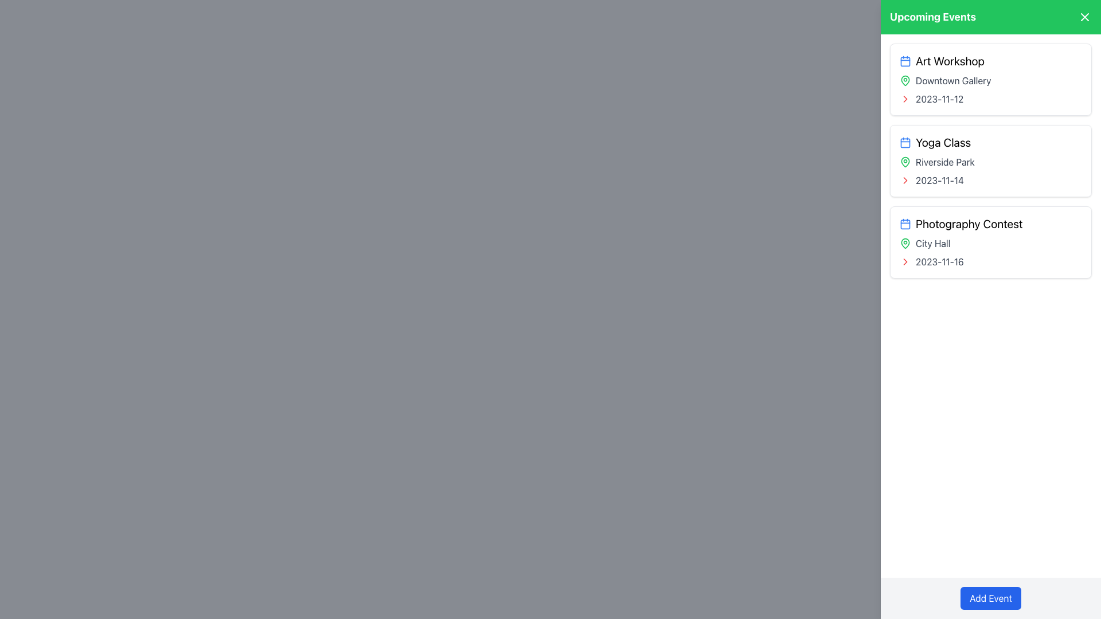 Image resolution: width=1101 pixels, height=619 pixels. What do you see at coordinates (905, 142) in the screenshot?
I see `the inner rounded square of the calendar icon indicating the 'Yoga Class' event, which is the second calendar icon in the list` at bounding box center [905, 142].